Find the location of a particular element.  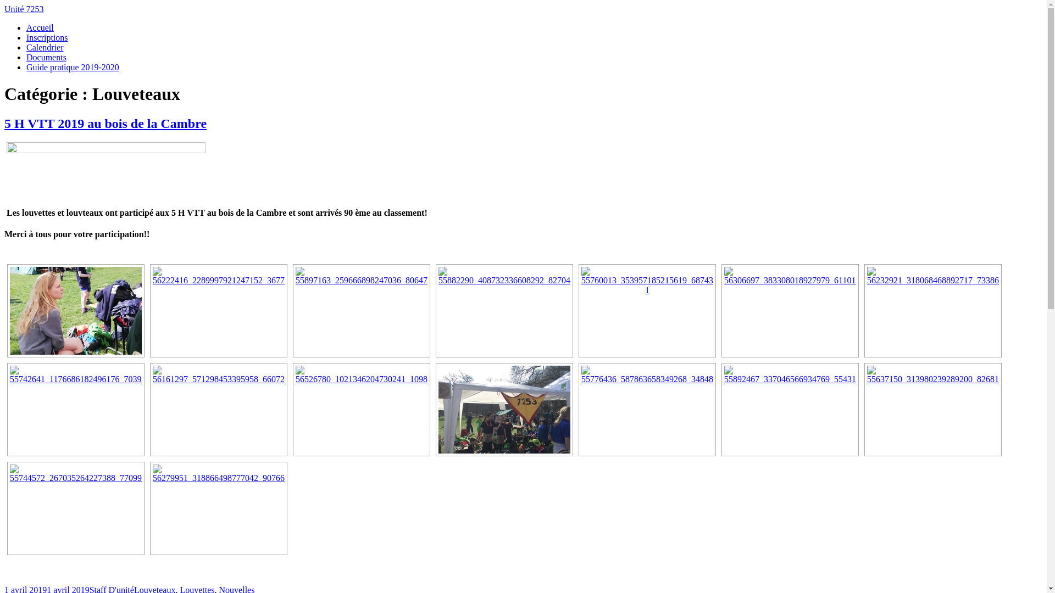

'56279951_318866498777042_9076661039264694272_n' is located at coordinates (219, 508).